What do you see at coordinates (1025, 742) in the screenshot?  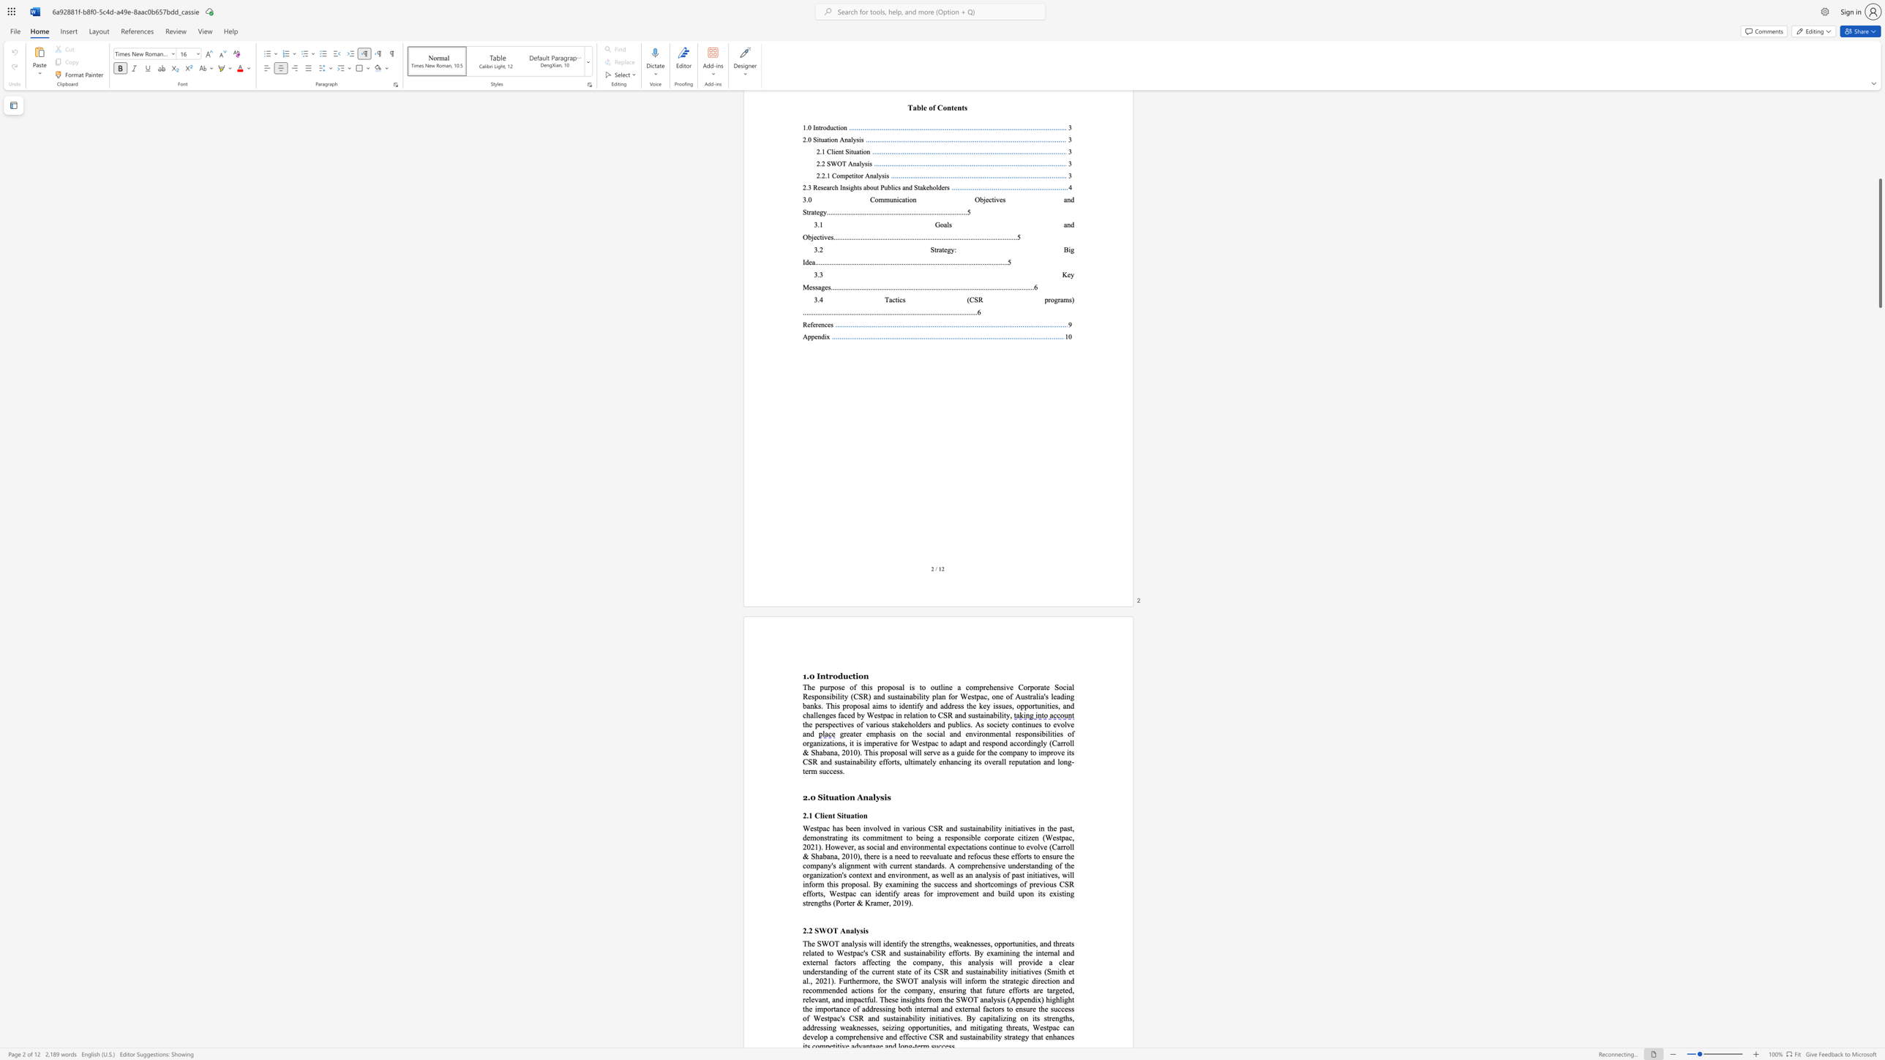 I see `the 9th character "r" in the text` at bounding box center [1025, 742].